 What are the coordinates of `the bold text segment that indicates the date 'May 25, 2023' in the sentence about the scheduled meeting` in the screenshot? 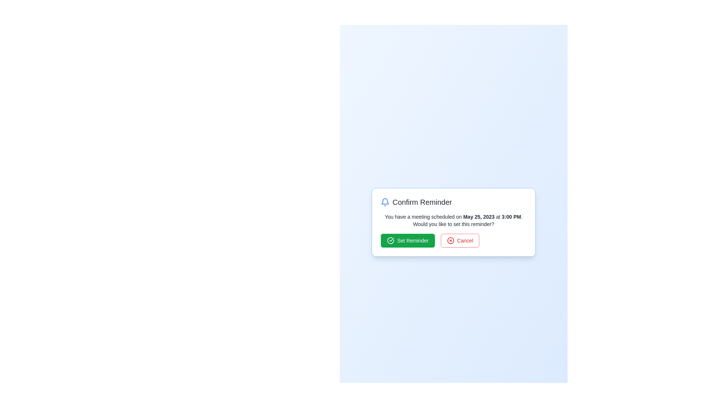 It's located at (479, 217).